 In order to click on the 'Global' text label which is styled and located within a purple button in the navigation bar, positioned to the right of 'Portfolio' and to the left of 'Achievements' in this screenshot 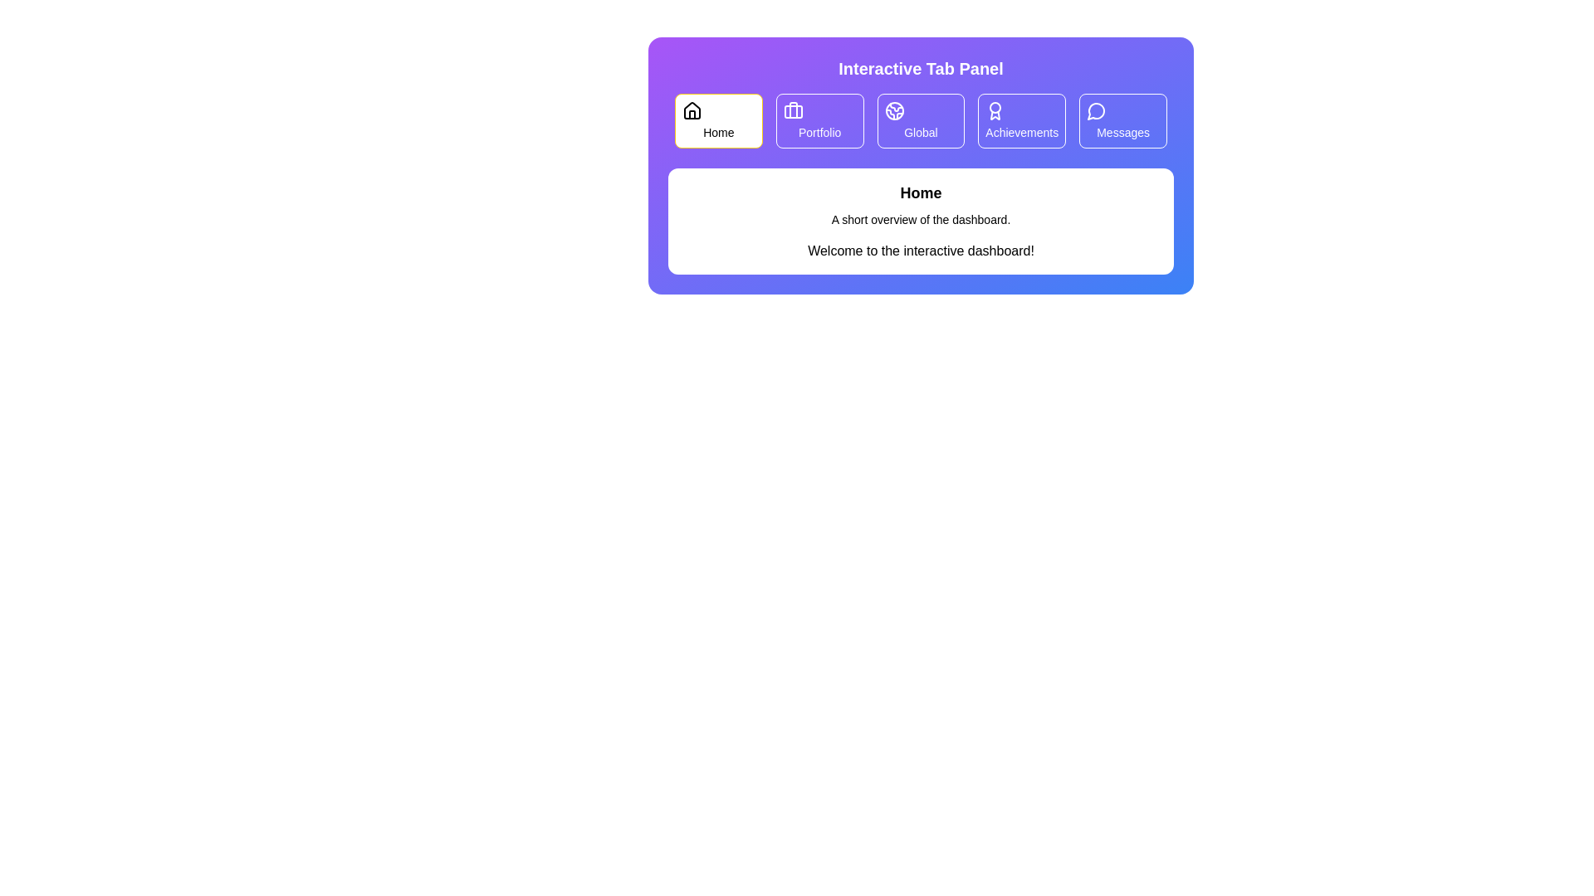, I will do `click(920, 131)`.